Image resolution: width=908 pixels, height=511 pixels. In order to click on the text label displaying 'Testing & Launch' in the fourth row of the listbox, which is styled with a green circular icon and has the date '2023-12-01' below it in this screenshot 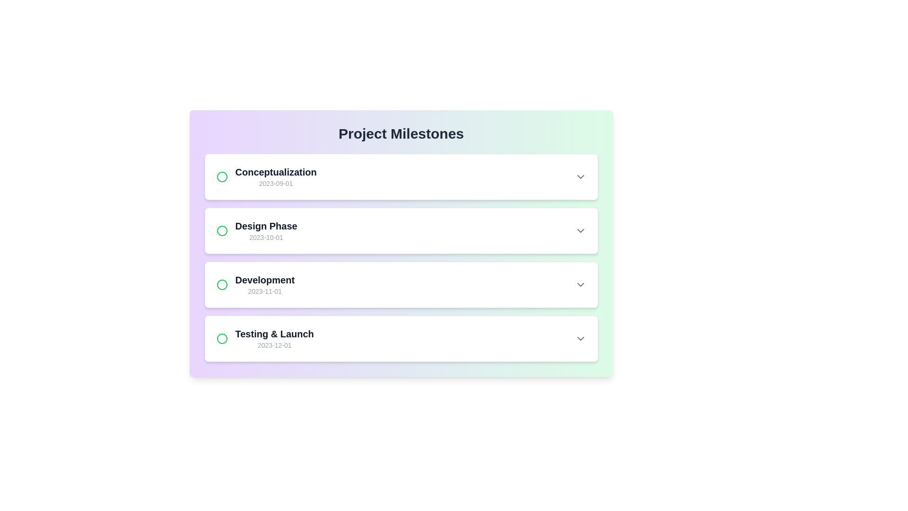, I will do `click(274, 333)`.